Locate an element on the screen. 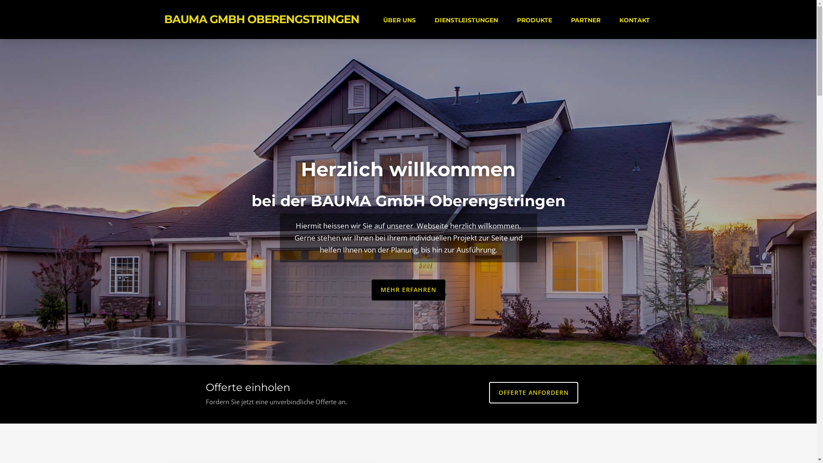 The height and width of the screenshot is (463, 823). 'BAUMA GMBH OBERENGSTRINGEN' is located at coordinates (261, 19).